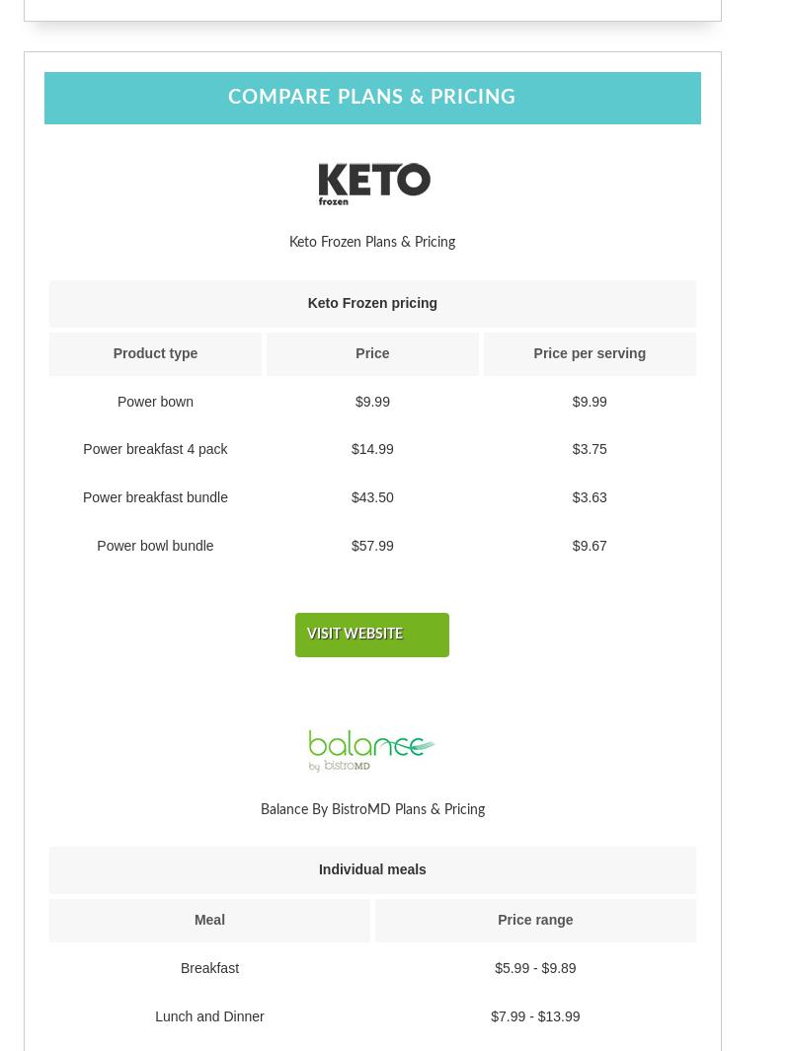 The height and width of the screenshot is (1051, 790). Describe the element at coordinates (209, 967) in the screenshot. I see `'Breakfast'` at that location.